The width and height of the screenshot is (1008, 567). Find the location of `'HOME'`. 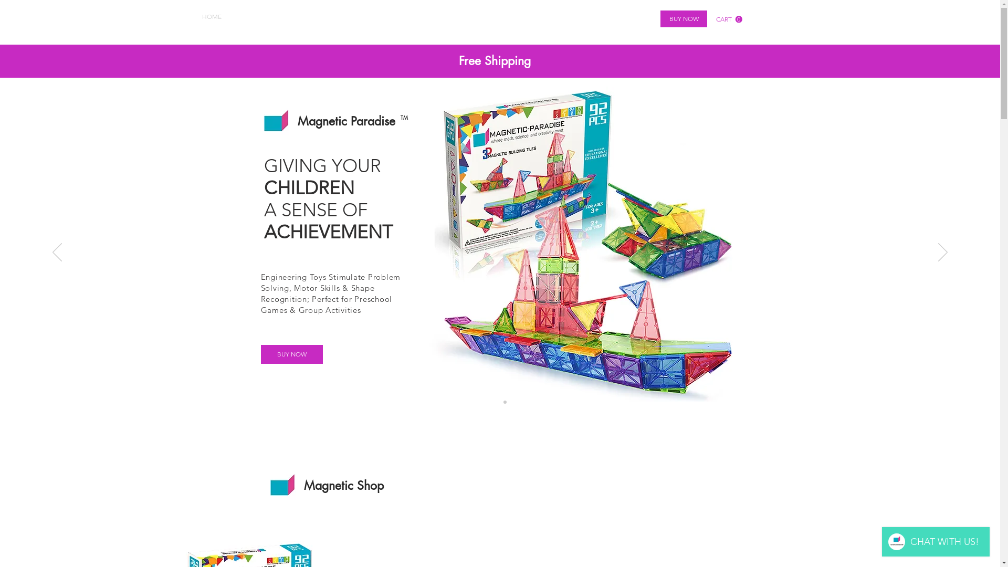

'HOME' is located at coordinates (211, 16).